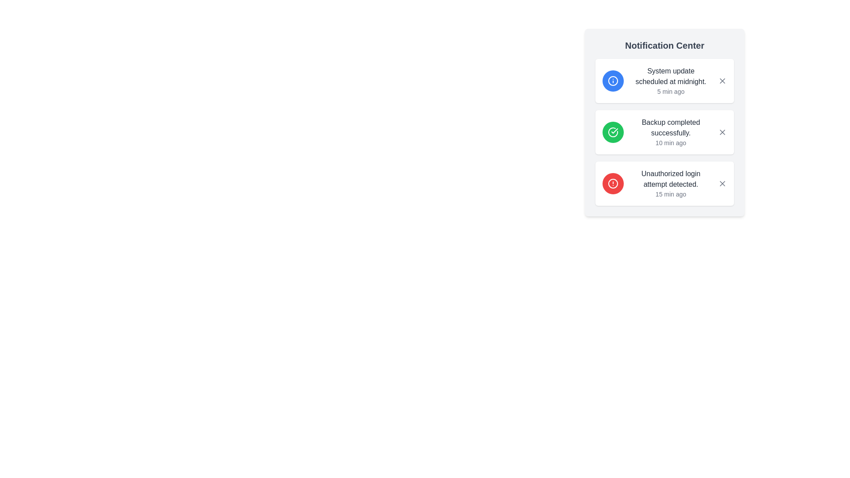  Describe the element at coordinates (671, 194) in the screenshot. I see `the Timestamp label that reads '15 min ago', located in the bottom-right corner of the notification entry for 'Unauthorized login attempt detected.'` at that location.